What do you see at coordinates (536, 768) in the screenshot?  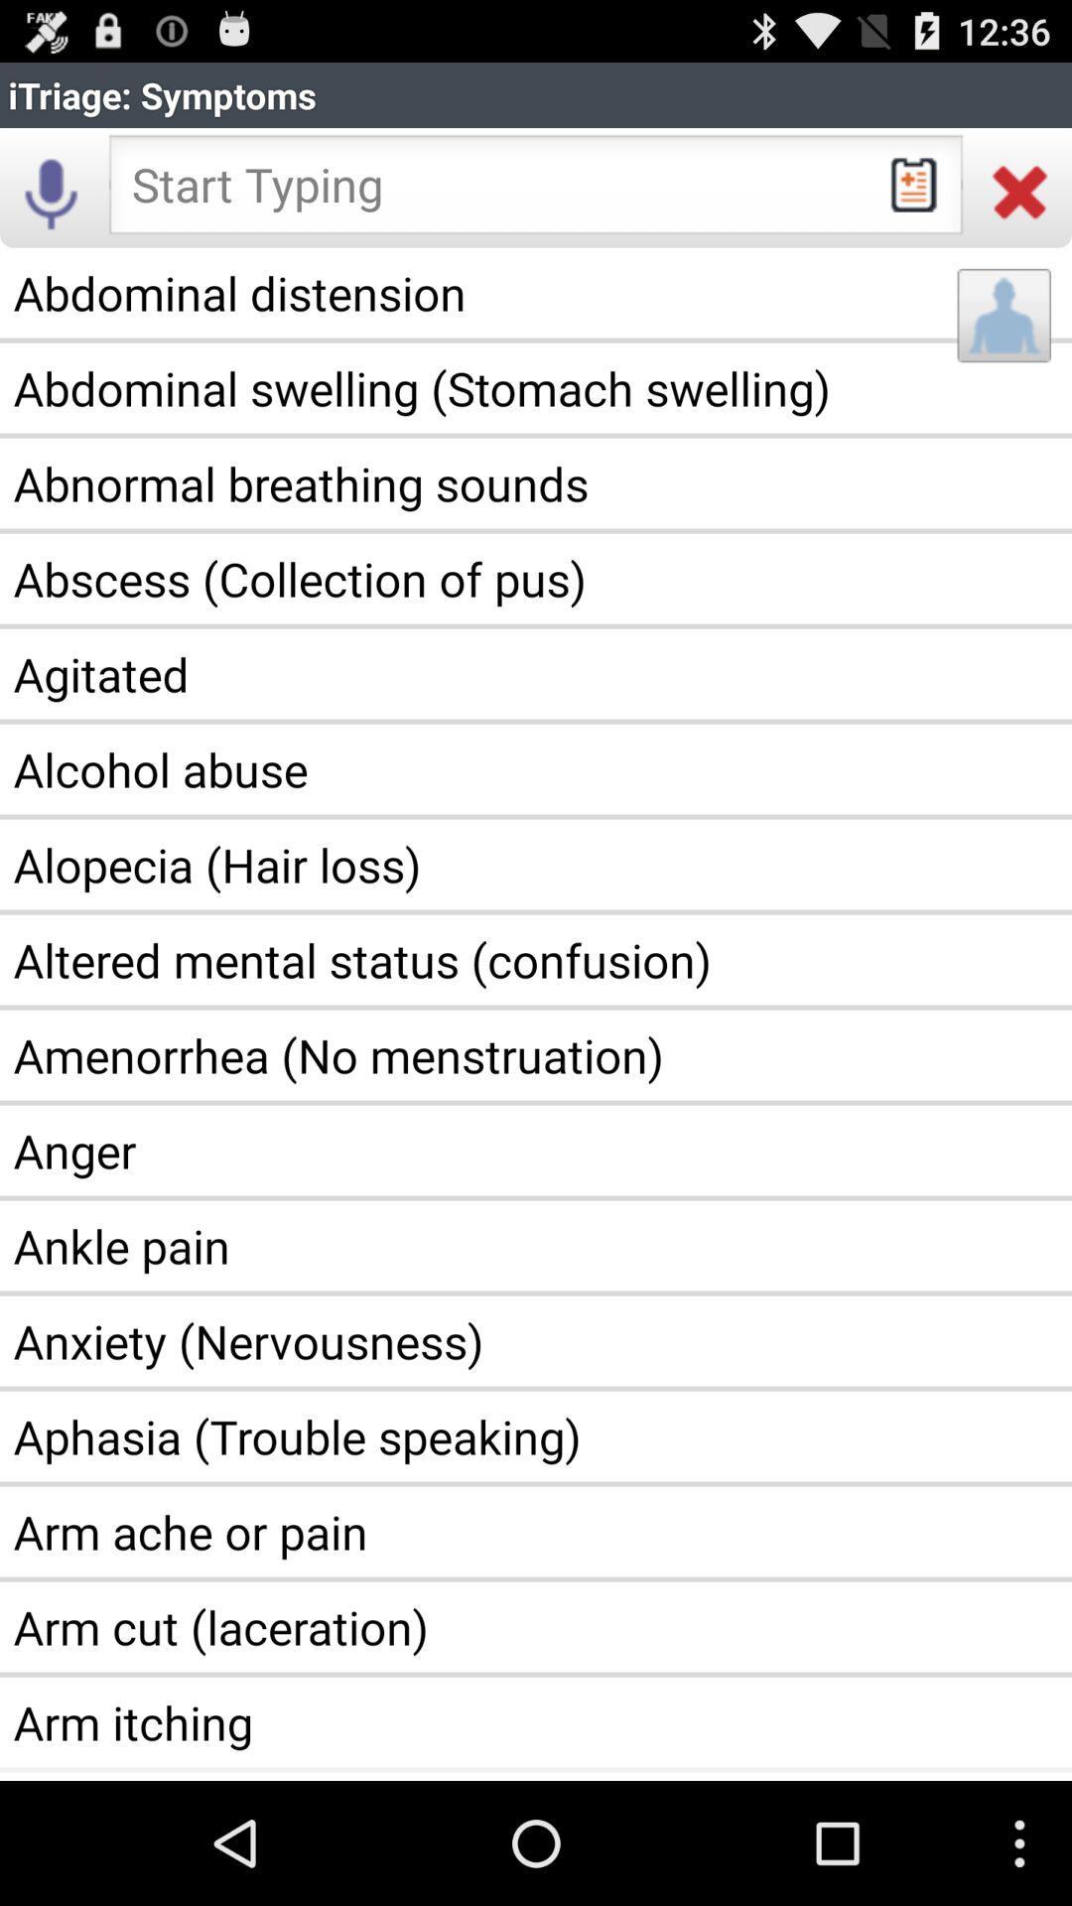 I see `the icon below agitated` at bounding box center [536, 768].